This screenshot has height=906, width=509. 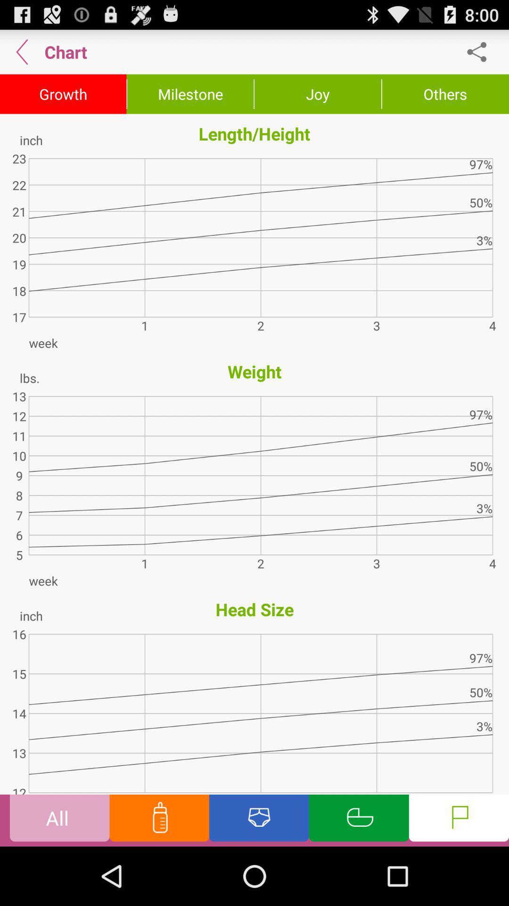 I want to click on chart info, so click(x=359, y=820).